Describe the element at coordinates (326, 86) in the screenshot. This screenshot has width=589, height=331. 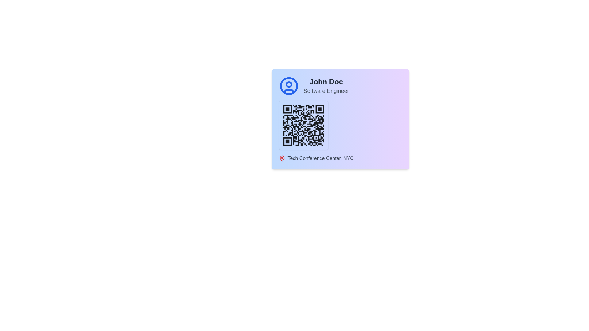
I see `the text block displaying the user's name and designation` at that location.